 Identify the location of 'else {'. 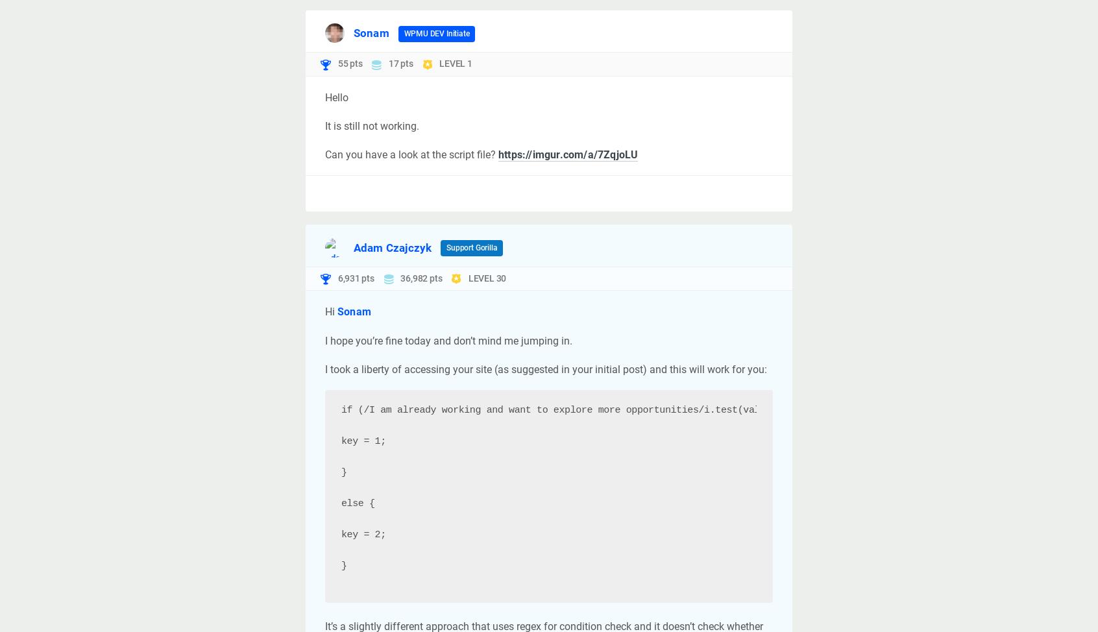
(358, 502).